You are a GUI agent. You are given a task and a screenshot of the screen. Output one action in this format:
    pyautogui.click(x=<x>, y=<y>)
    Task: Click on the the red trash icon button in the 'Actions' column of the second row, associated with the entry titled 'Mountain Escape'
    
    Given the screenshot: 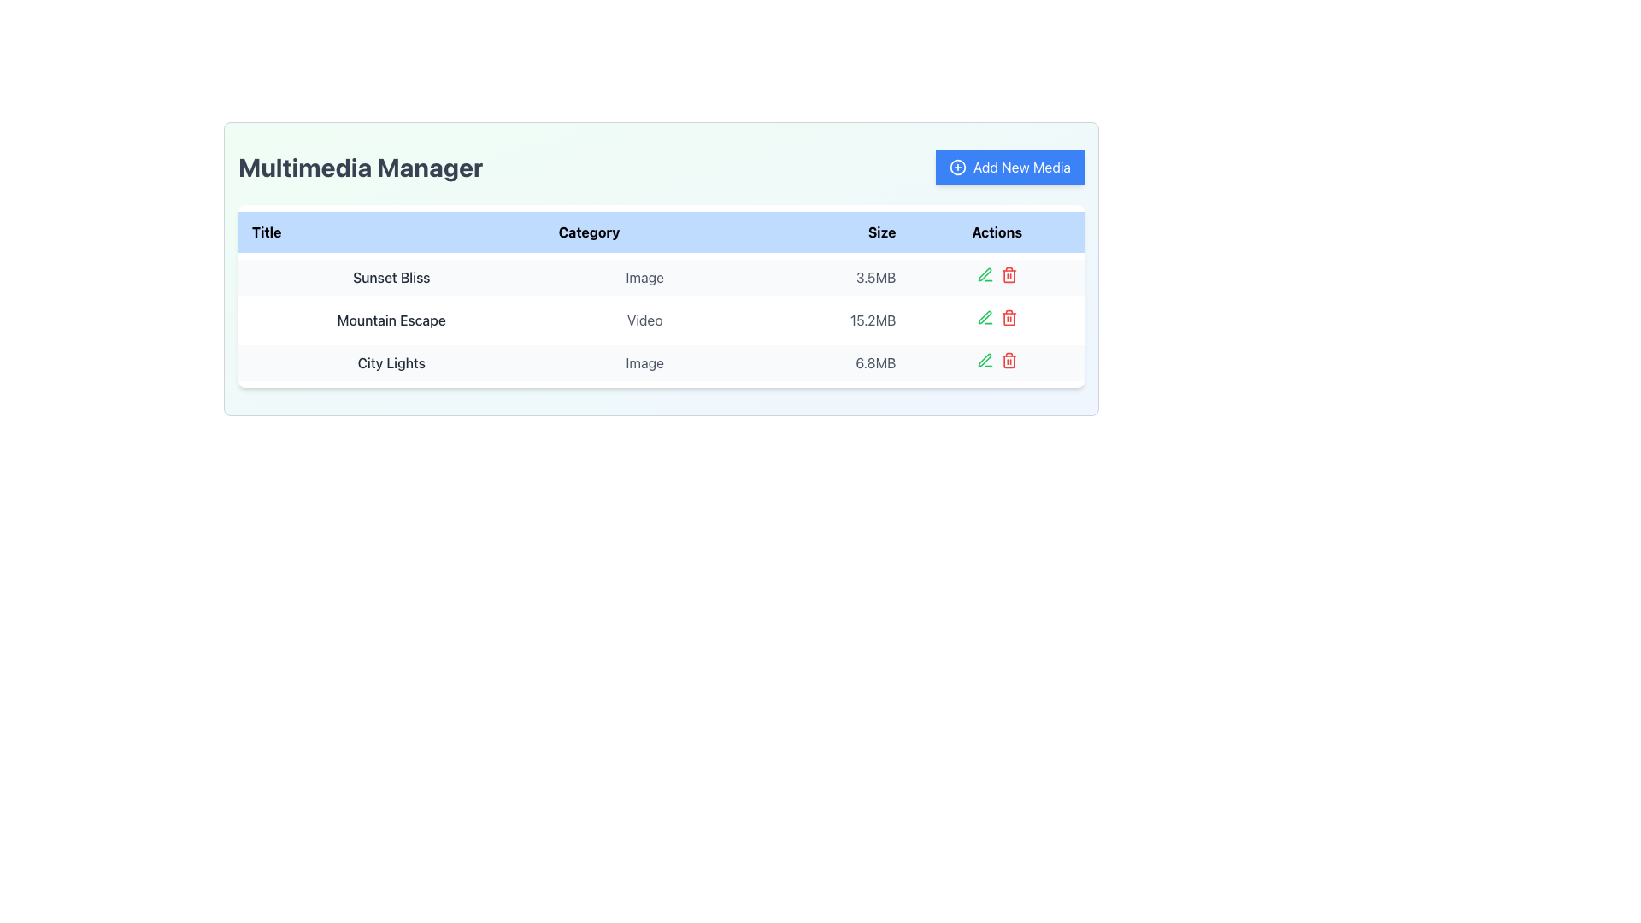 What is the action you would take?
    pyautogui.click(x=1009, y=317)
    